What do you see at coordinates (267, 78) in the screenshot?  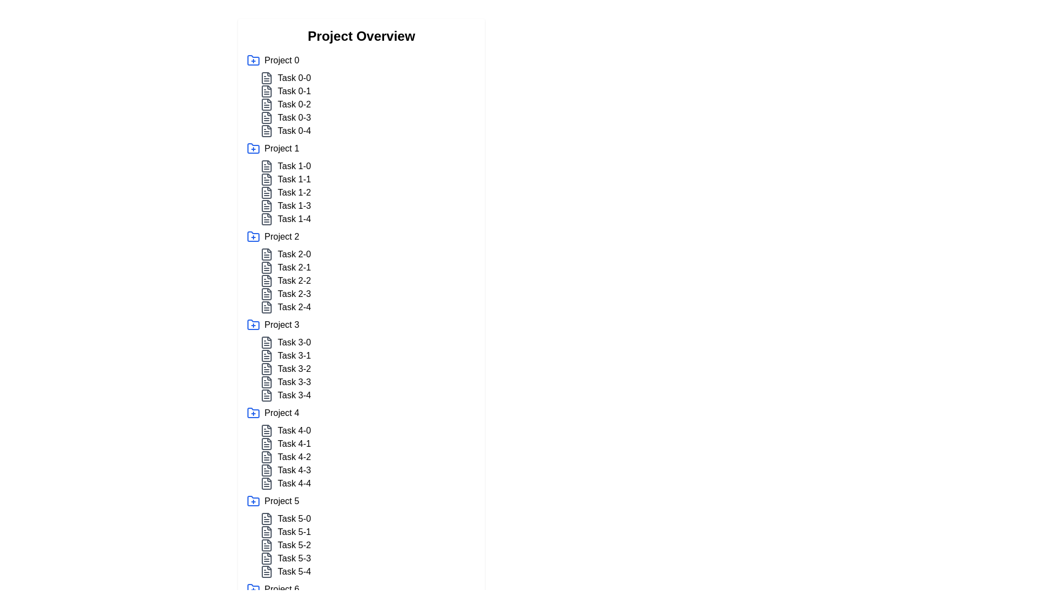 I see `the small dark gray document icon with a folded corner located to the left of the text 'Task 0-0' under 'Project 0'` at bounding box center [267, 78].